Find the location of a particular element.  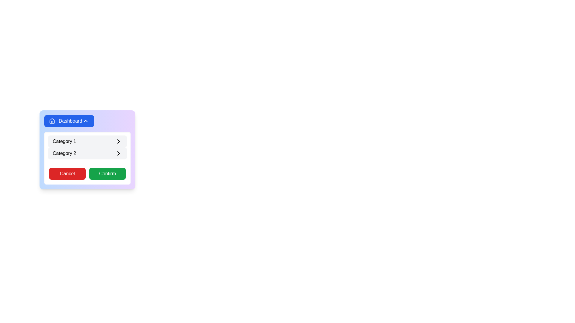

the blue rectangular button labeled 'Dashboard' with a home icon on the left and an upward-pointing chevron on the right is located at coordinates (69, 121).